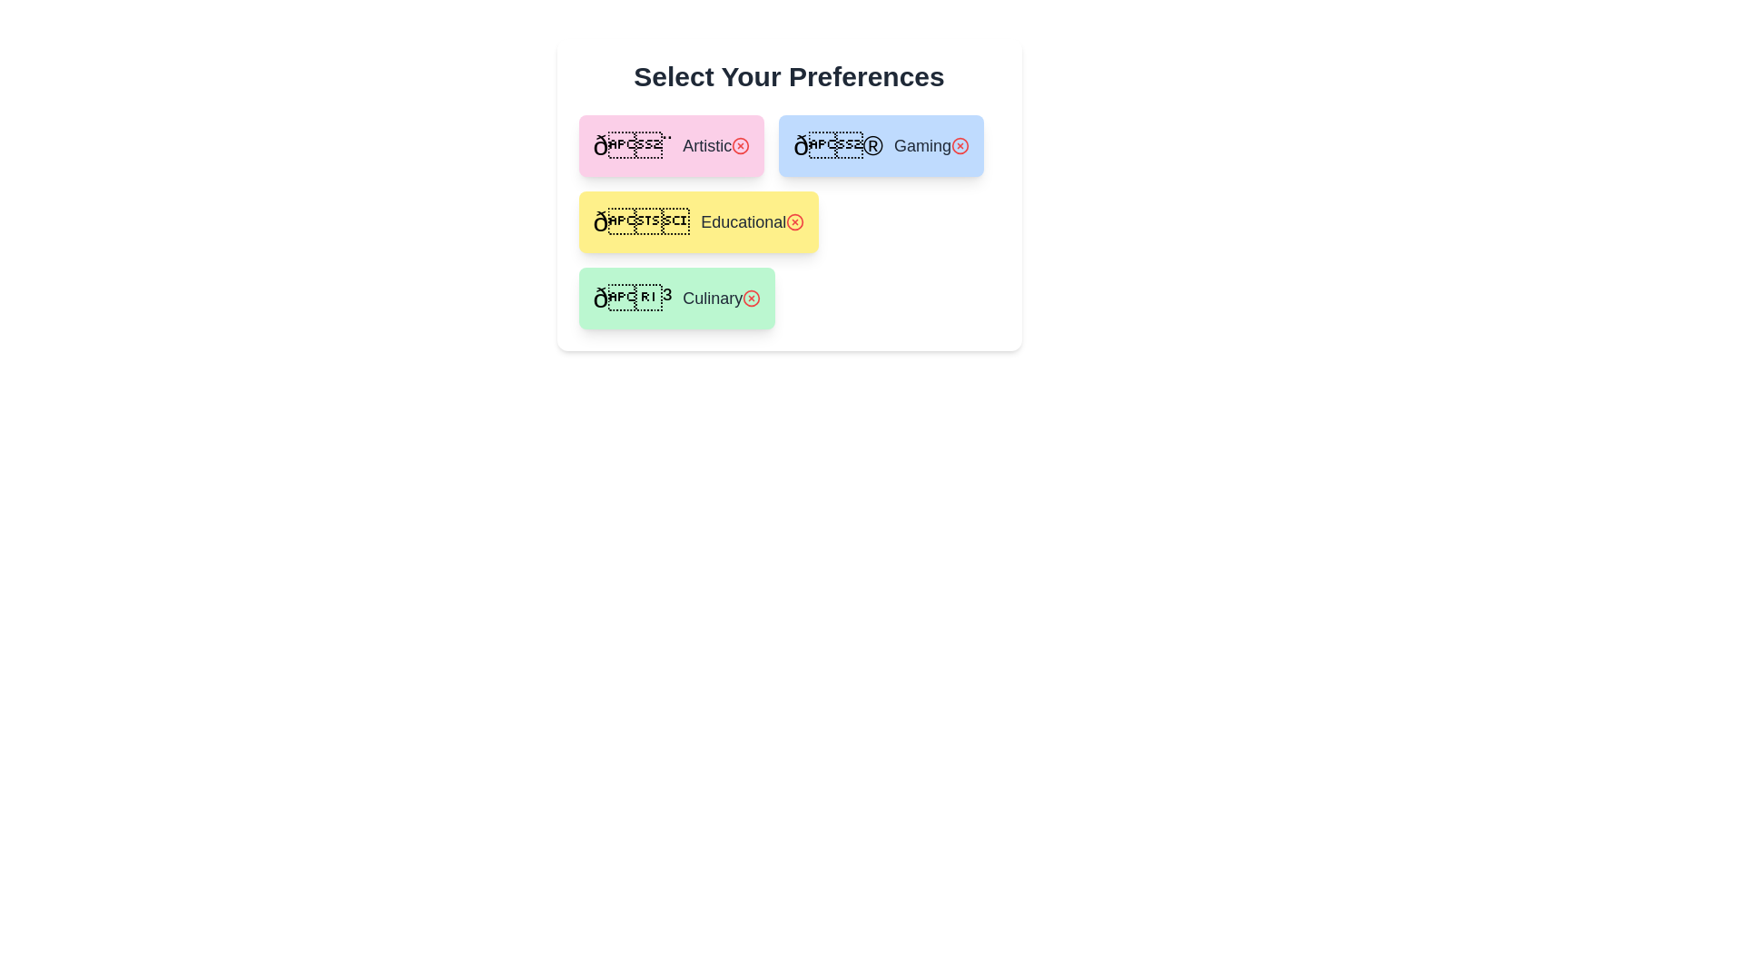  I want to click on remove button for the preference labeled Gaming, so click(960, 145).